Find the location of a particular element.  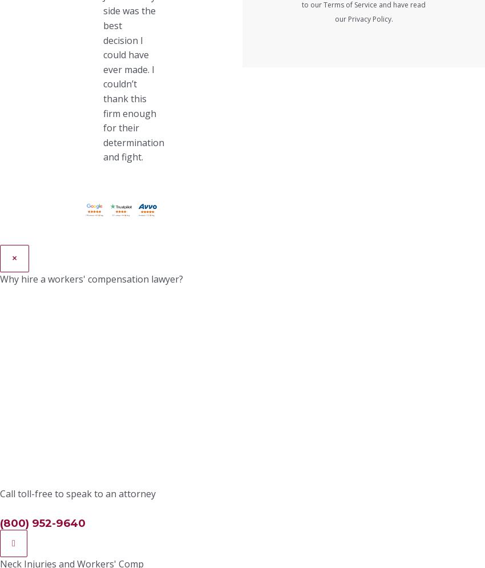

'Weekly pay for lost wages while you cannot work' is located at coordinates (155, 126).